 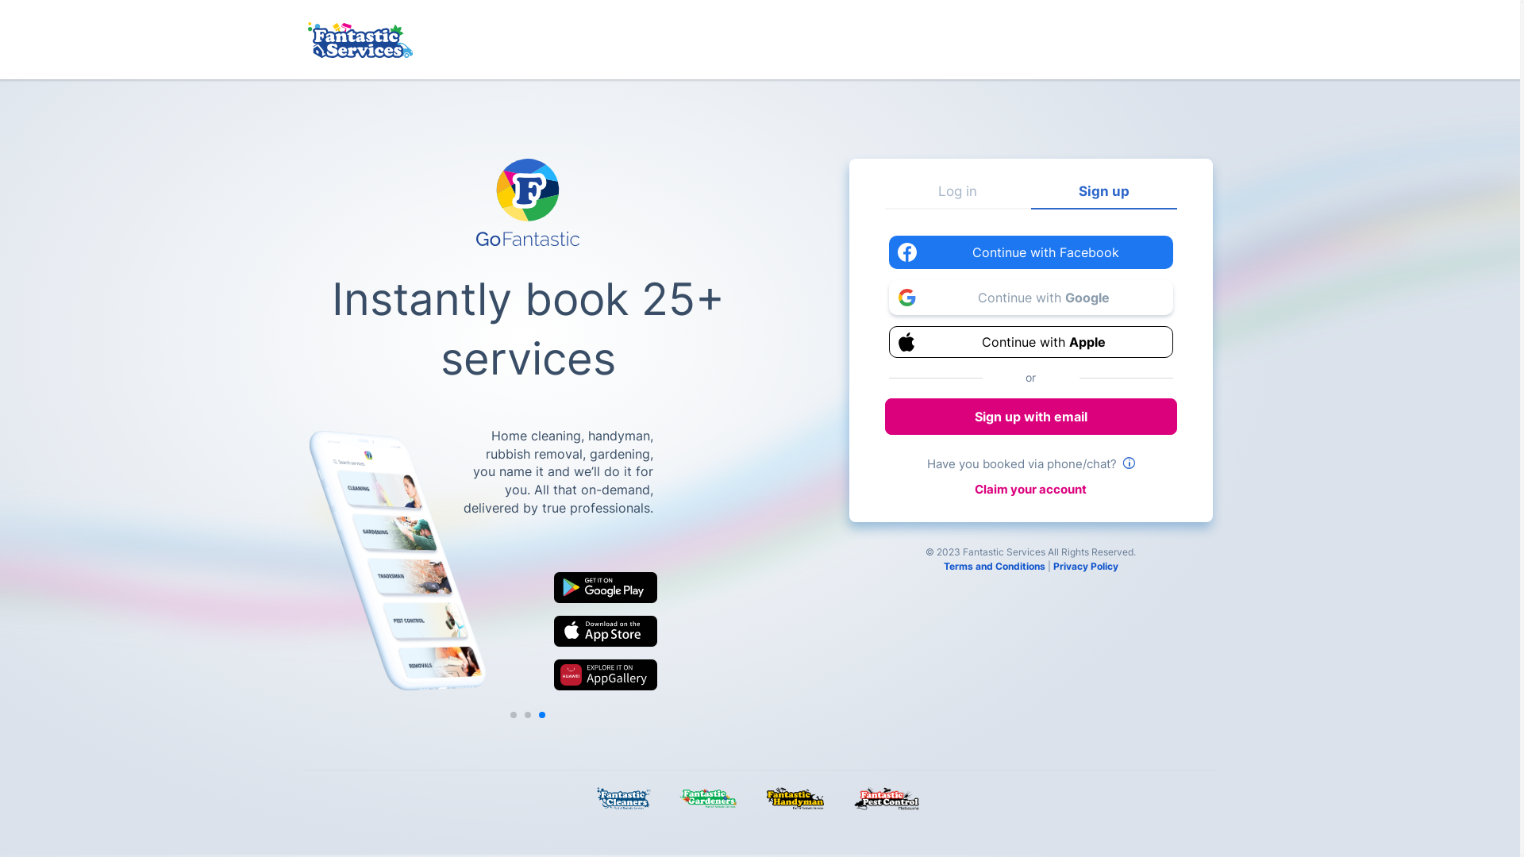 I want to click on 'Fantastic Pest Control', so click(x=891, y=799).